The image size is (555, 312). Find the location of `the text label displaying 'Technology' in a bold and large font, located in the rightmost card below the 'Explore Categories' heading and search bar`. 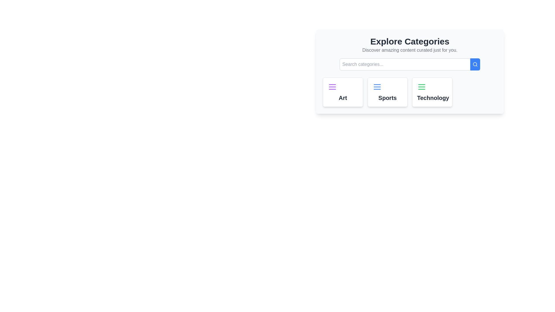

the text label displaying 'Technology' in a bold and large font, located in the rightmost card below the 'Explore Categories' heading and search bar is located at coordinates (432, 98).